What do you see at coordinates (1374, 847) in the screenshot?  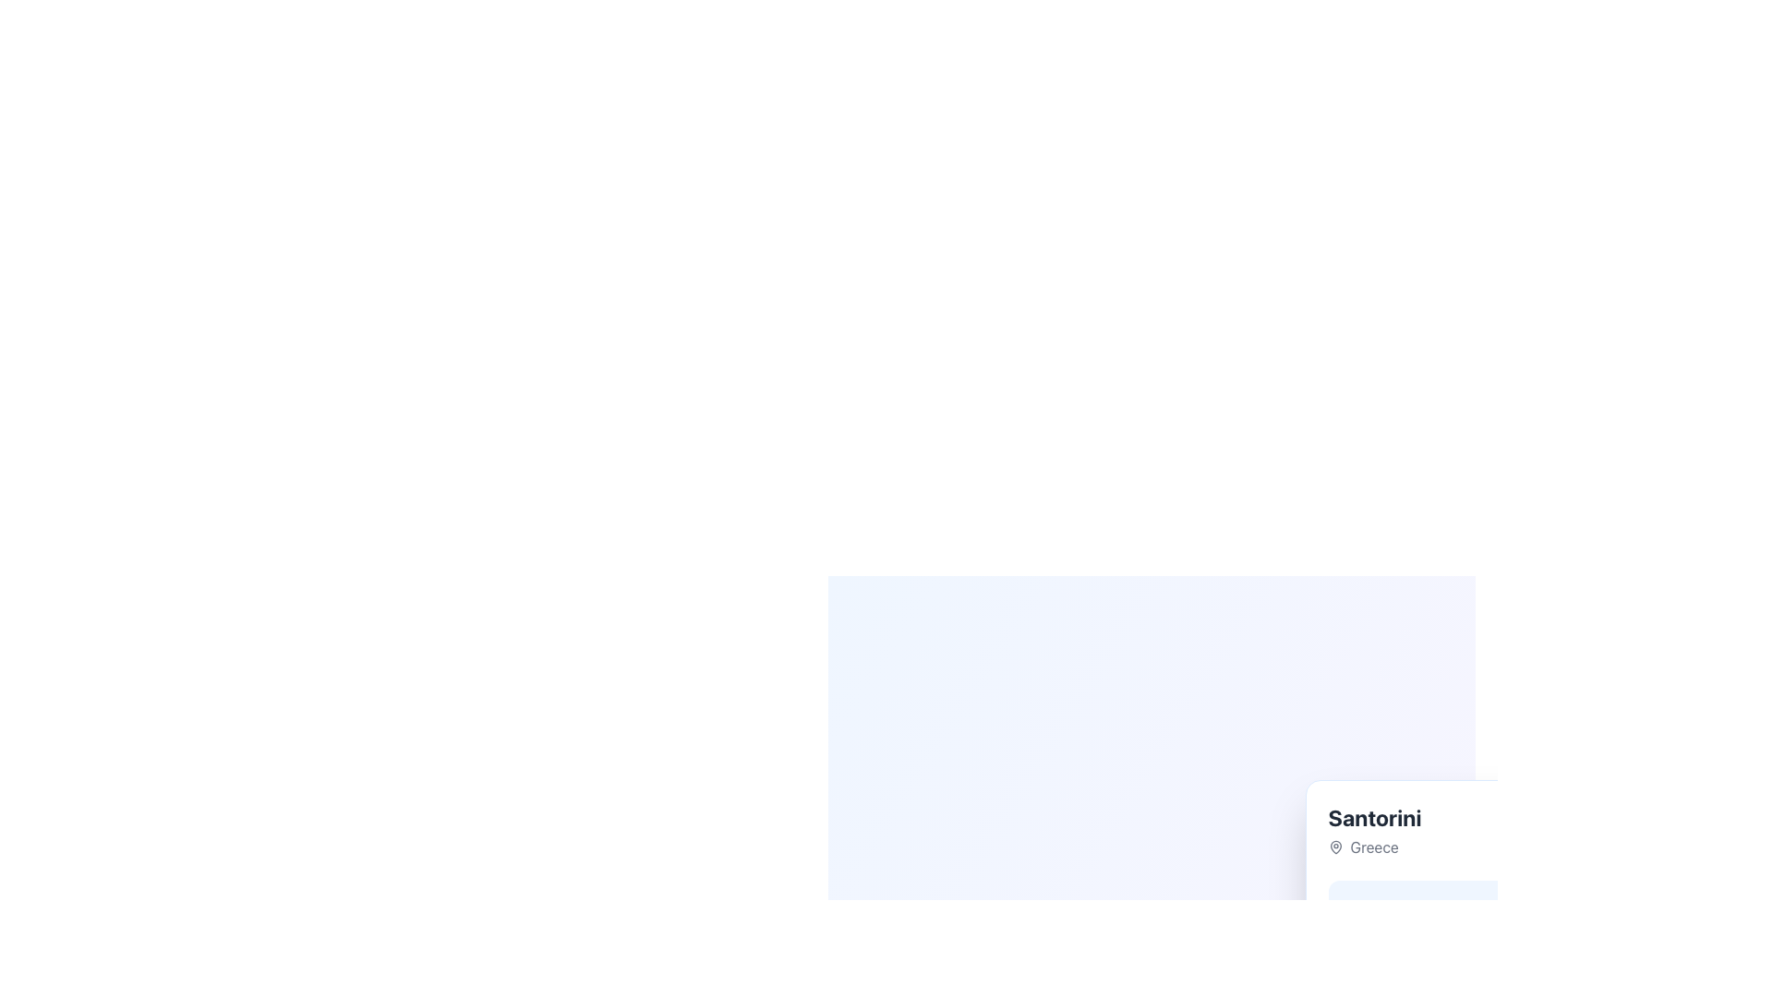 I see `text label displaying 'Greece' located at the bottom-right corner of the interface, adjacent to a map pin icon and below 'Santorini'` at bounding box center [1374, 847].